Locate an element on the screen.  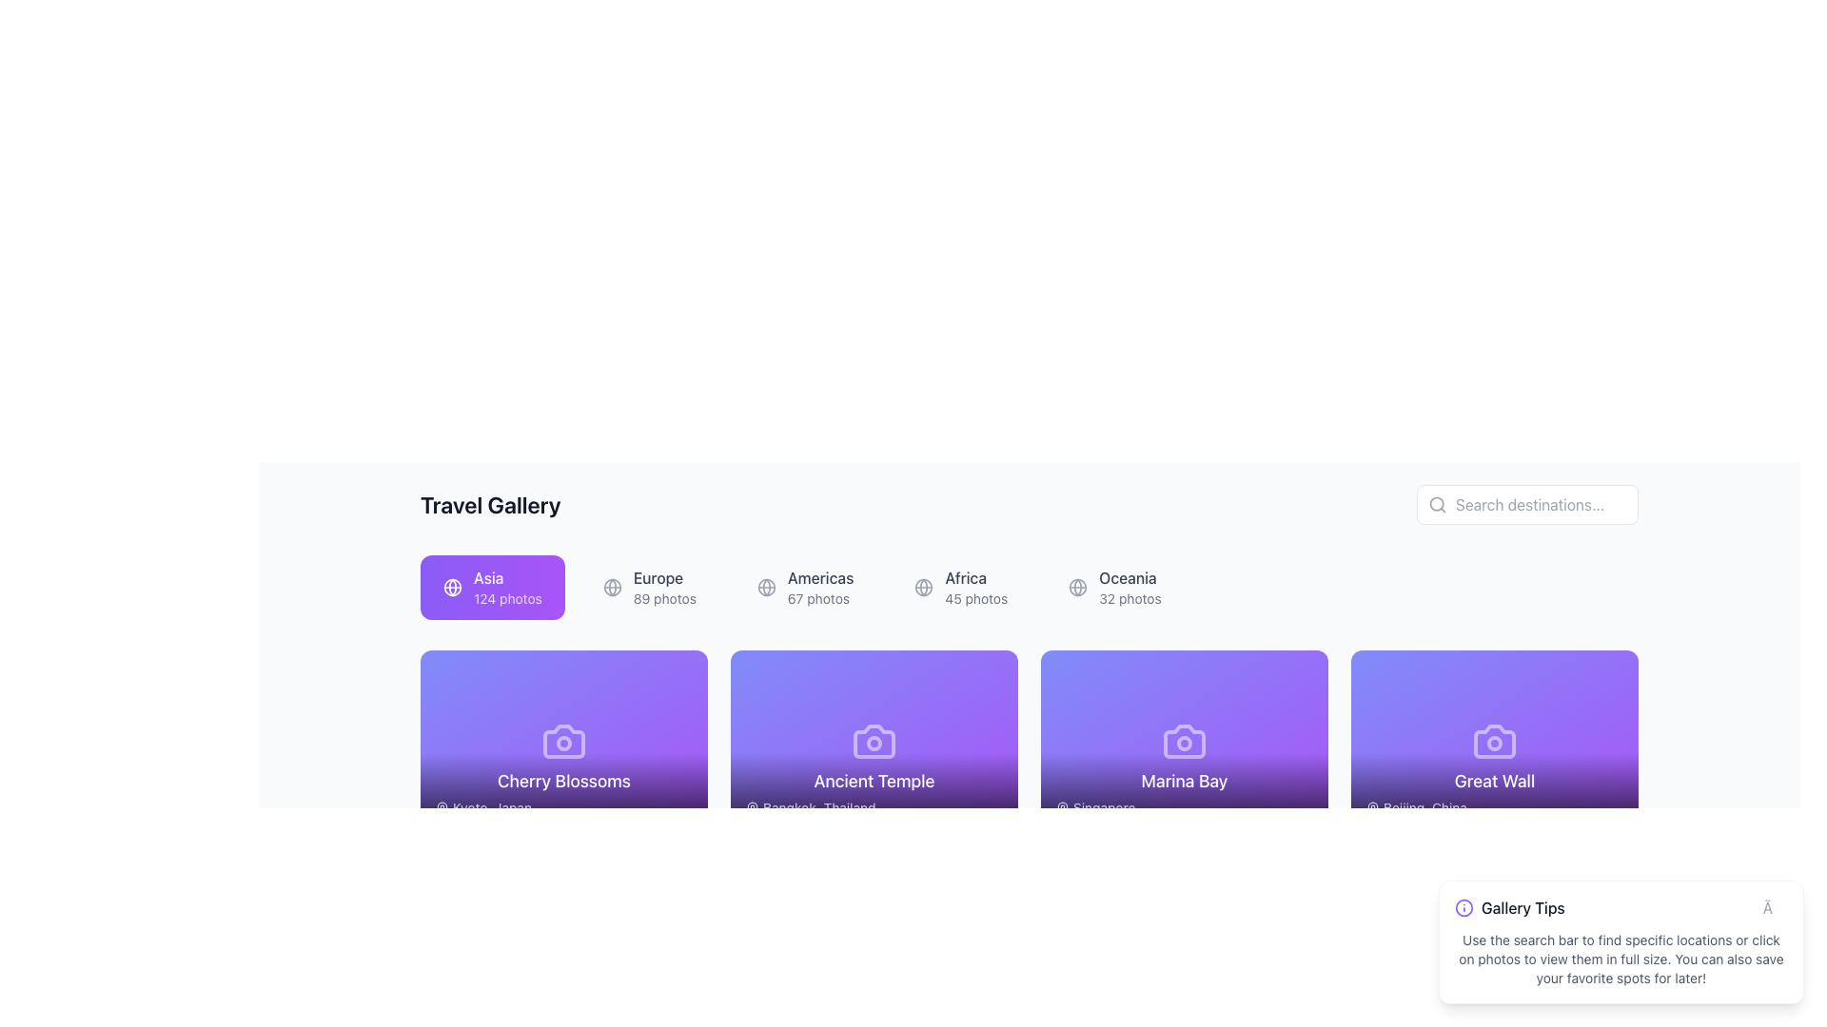
the close button located at the top-right corner of the 'Gallery Tips' panel to change its color is located at coordinates (1774, 907).